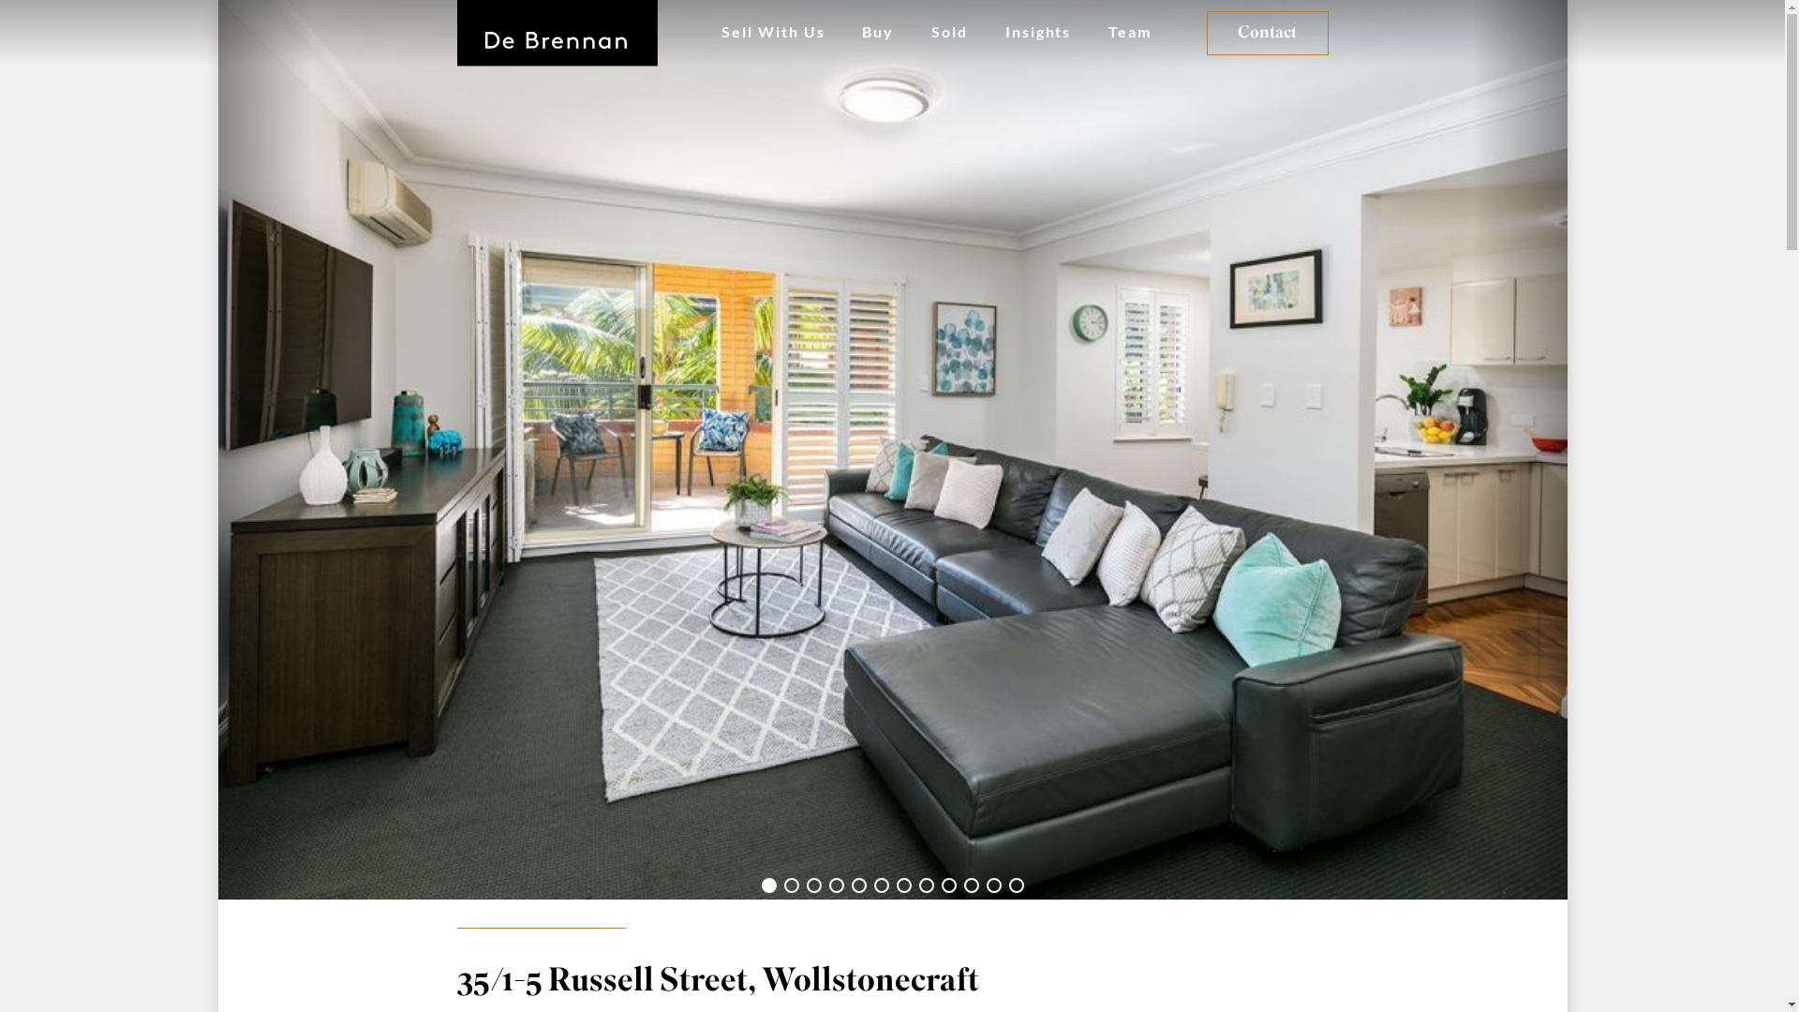 This screenshot has height=1012, width=1799. I want to click on '7', so click(903, 885).